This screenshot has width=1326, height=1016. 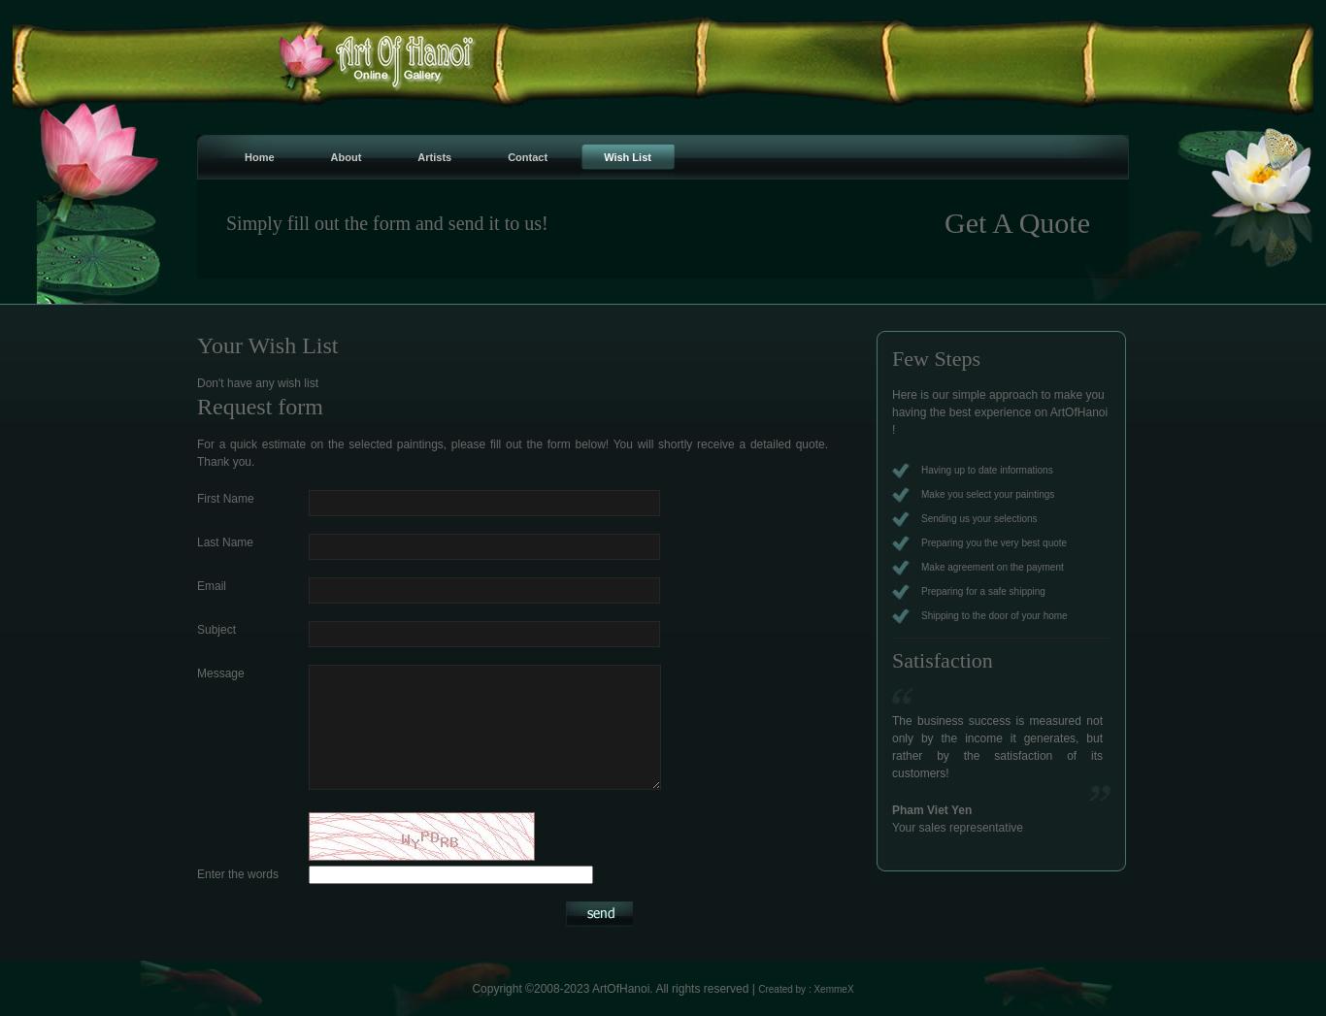 I want to click on 'Wish List', so click(x=602, y=156).